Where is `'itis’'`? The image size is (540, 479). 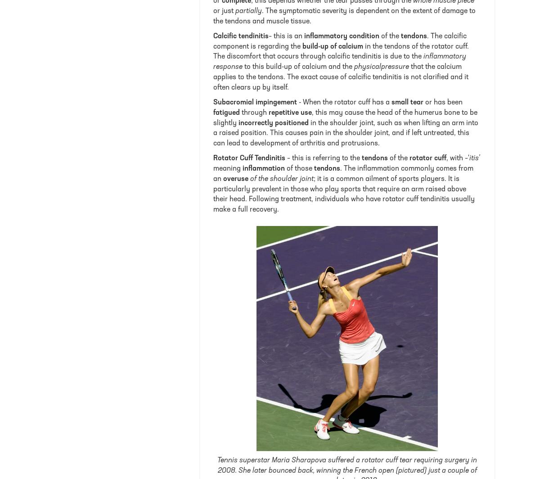 'itis’' is located at coordinates (474, 158).